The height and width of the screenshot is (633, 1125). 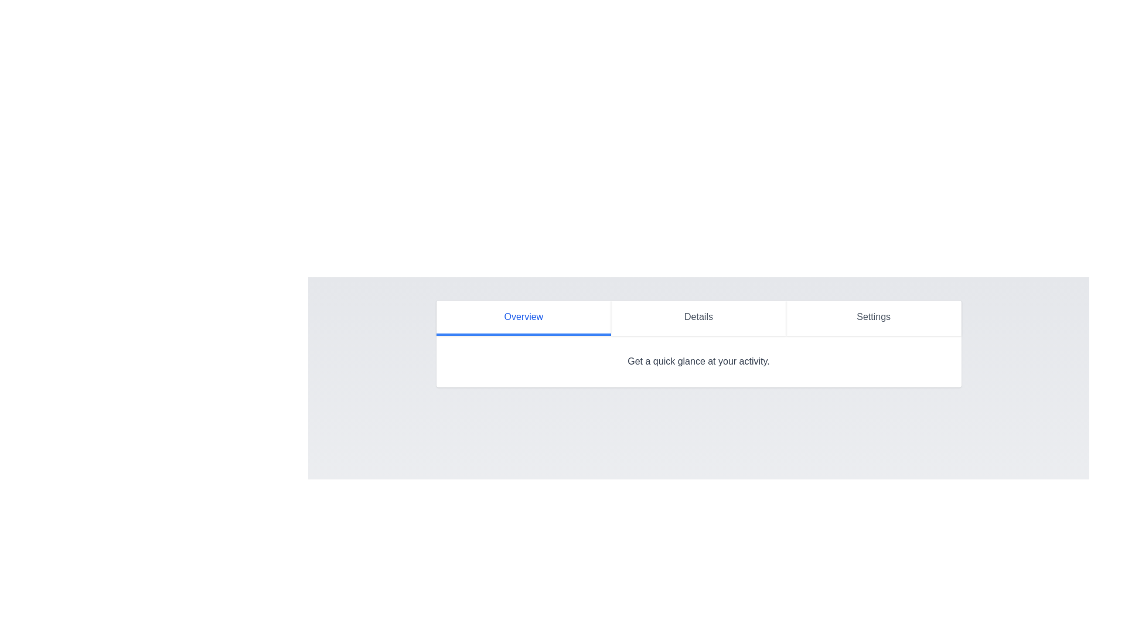 I want to click on the Overview tab by clicking on its button, so click(x=523, y=318).